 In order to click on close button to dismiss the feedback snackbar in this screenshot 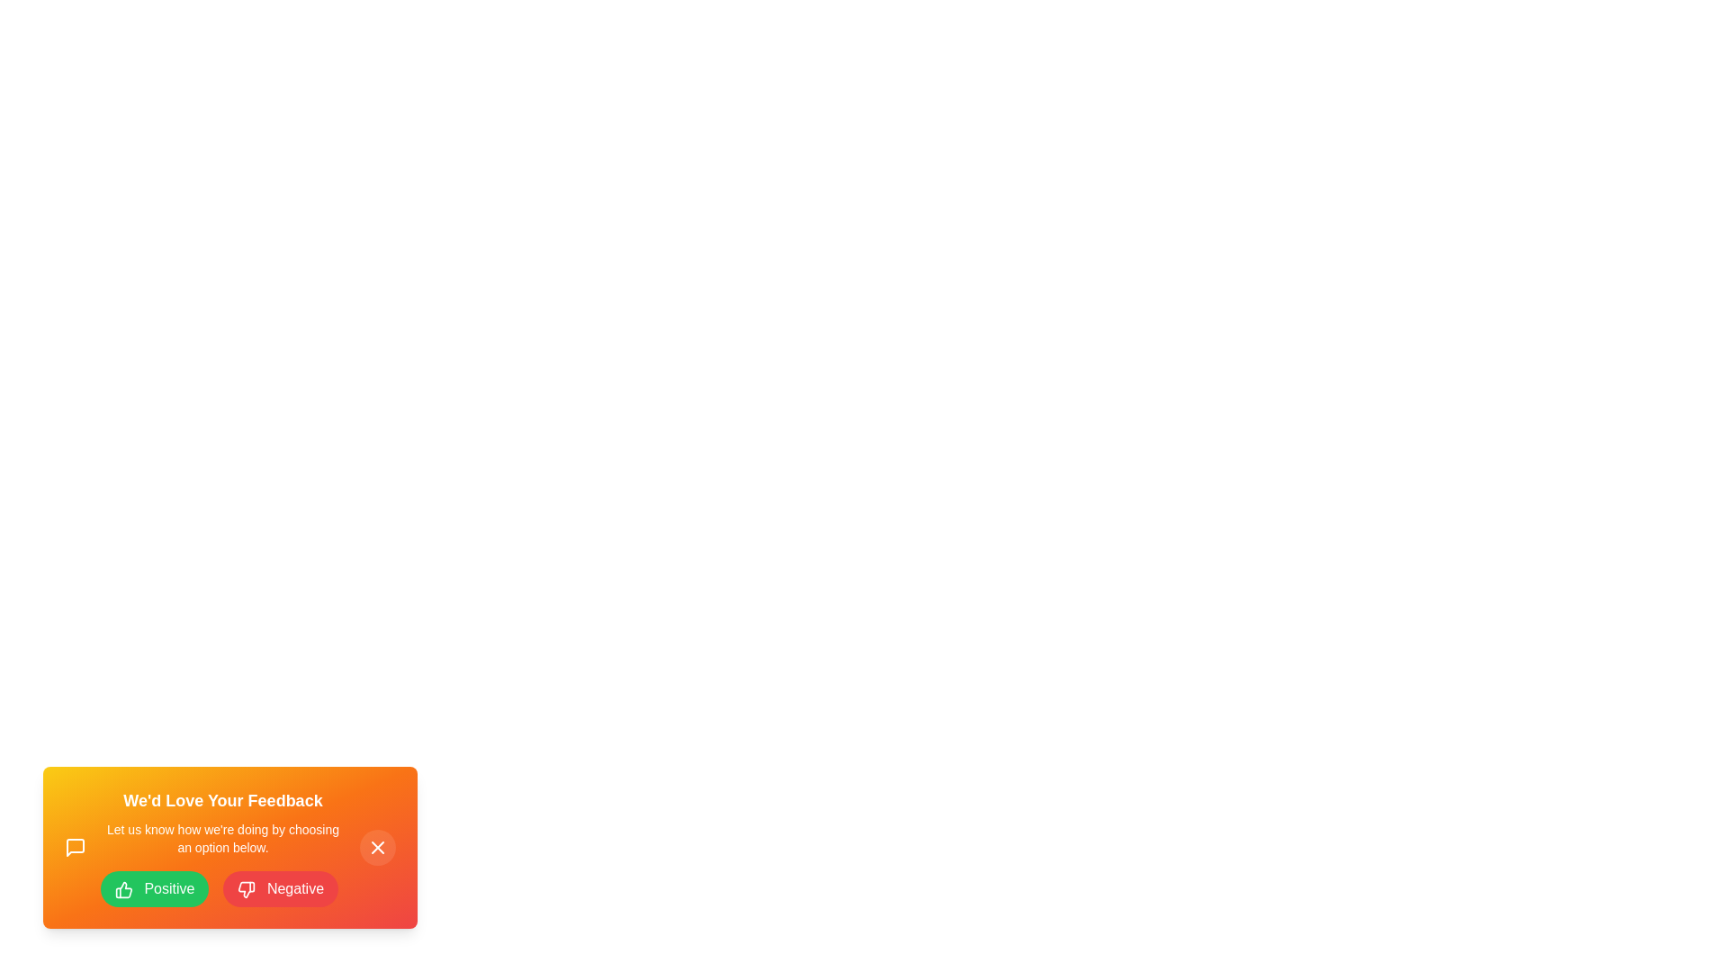, I will do `click(377, 847)`.